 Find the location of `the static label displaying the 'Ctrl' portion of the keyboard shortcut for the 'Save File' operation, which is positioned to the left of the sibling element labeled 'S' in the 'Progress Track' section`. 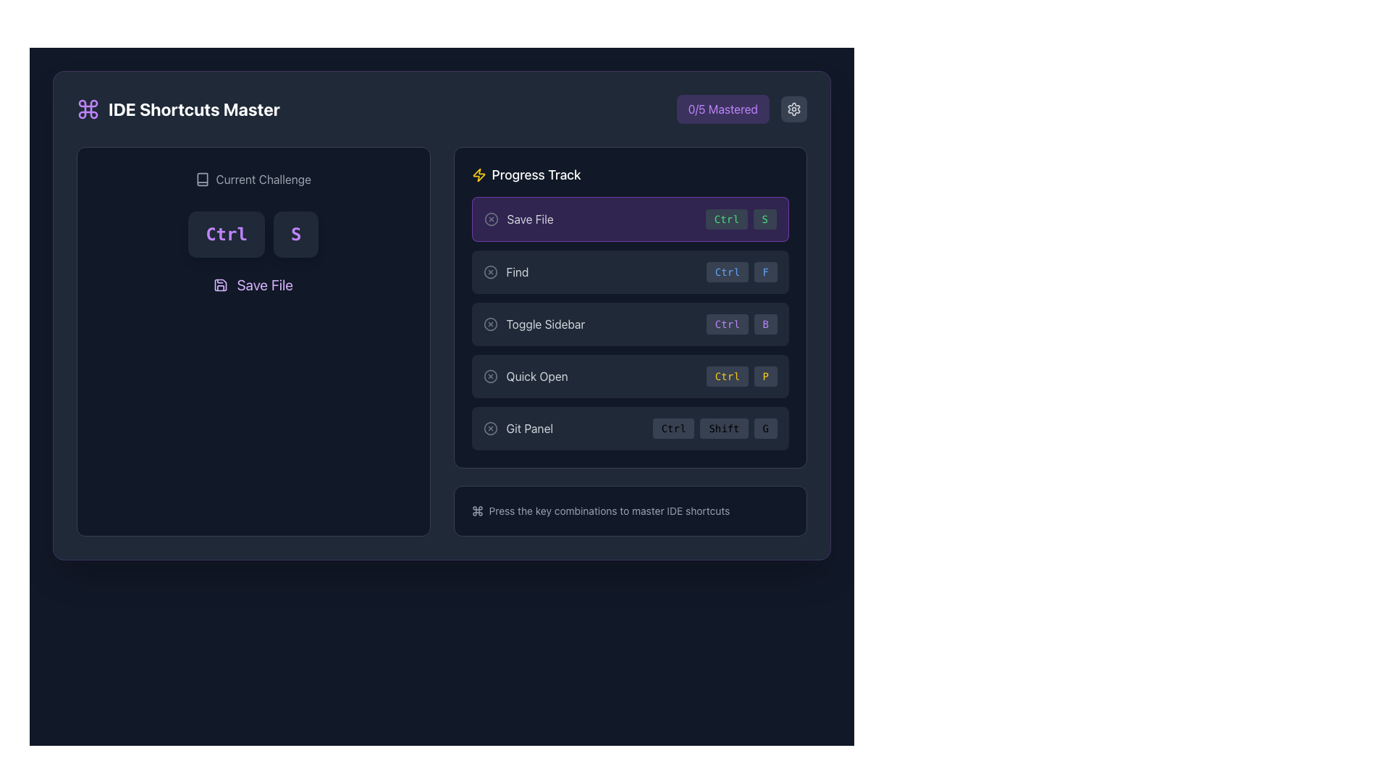

the static label displaying the 'Ctrl' portion of the keyboard shortcut for the 'Save File' operation, which is positioned to the left of the sibling element labeled 'S' in the 'Progress Track' section is located at coordinates (726, 219).